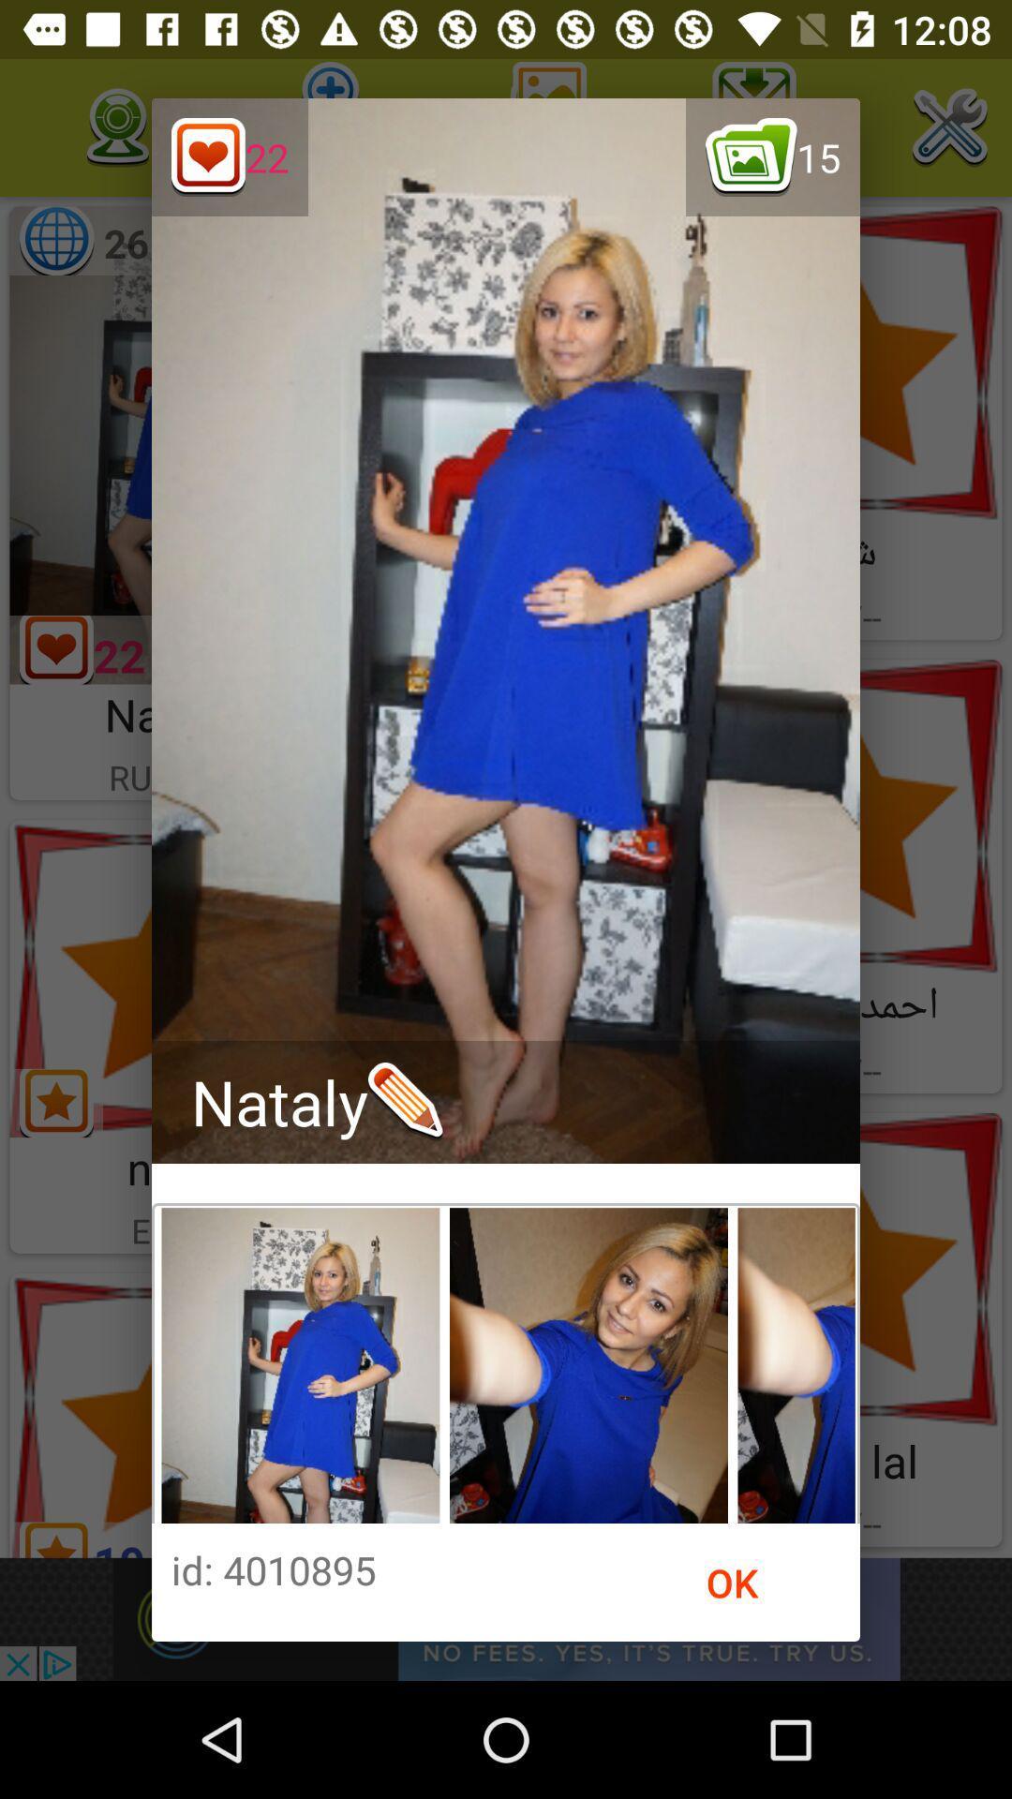  I want to click on item below the 22 item, so click(316, 1102).